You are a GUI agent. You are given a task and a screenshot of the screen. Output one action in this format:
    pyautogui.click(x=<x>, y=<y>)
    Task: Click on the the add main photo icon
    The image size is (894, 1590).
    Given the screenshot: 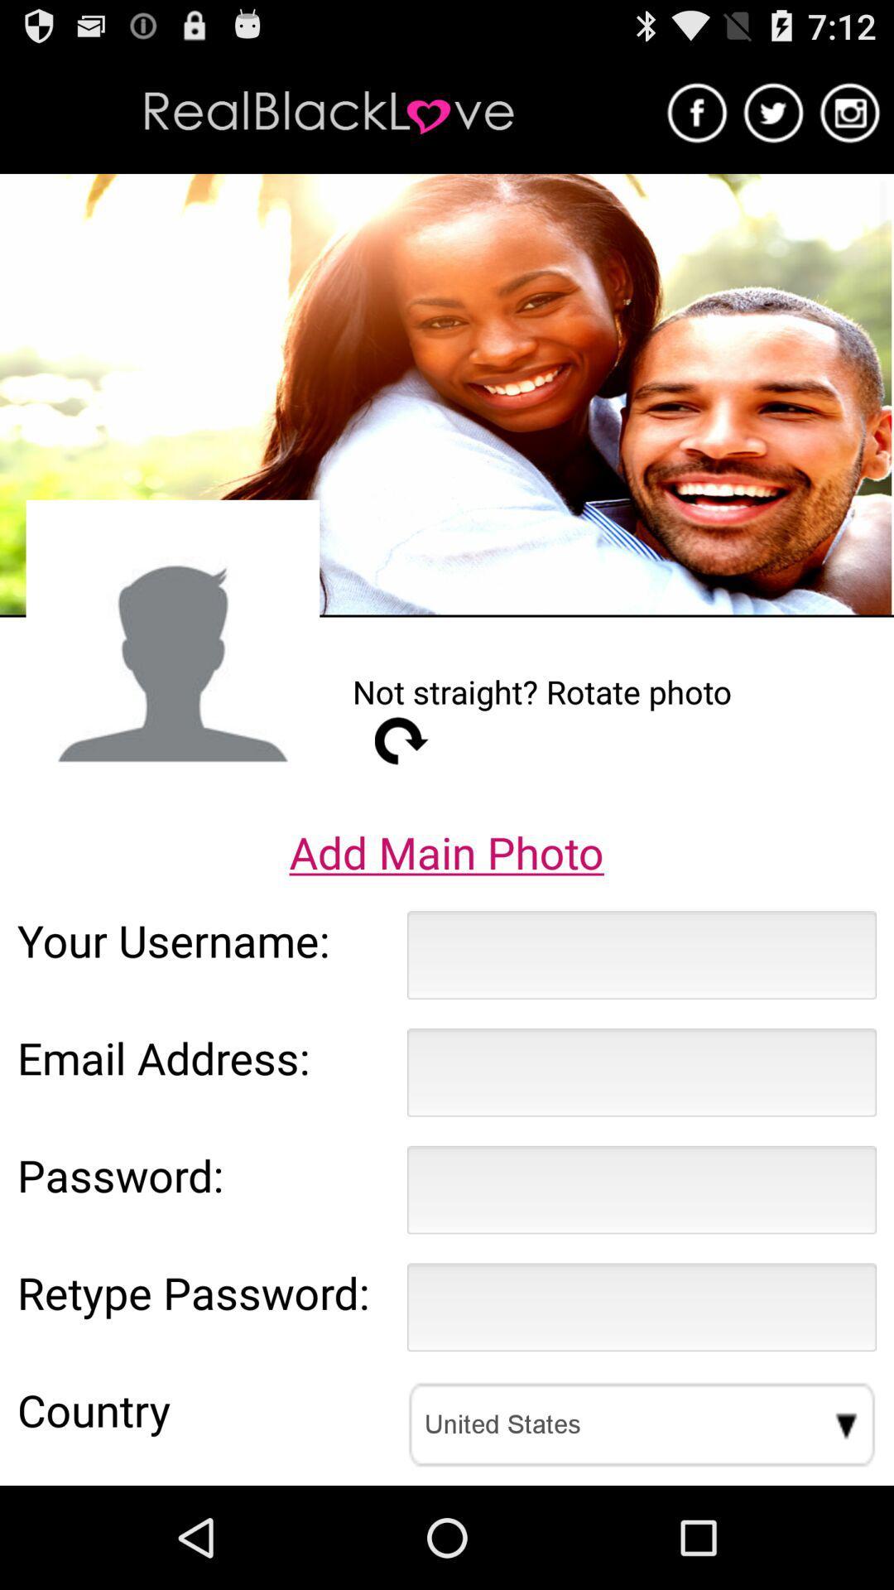 What is the action you would take?
    pyautogui.click(x=445, y=852)
    